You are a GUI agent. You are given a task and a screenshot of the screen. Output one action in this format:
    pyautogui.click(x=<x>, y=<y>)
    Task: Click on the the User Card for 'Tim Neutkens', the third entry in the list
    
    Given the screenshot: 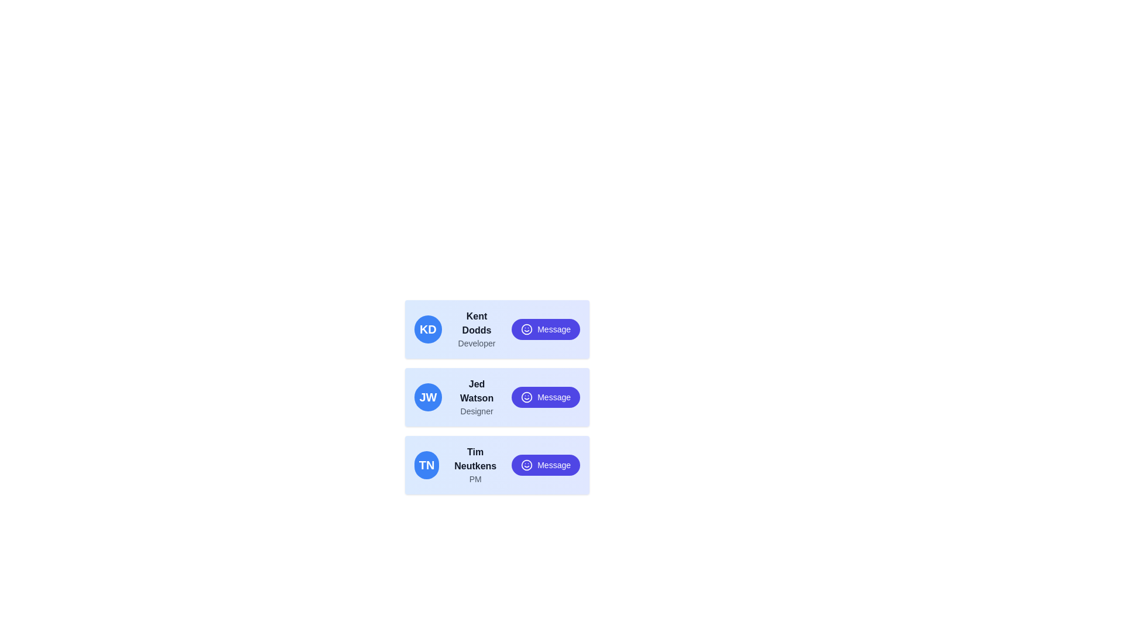 What is the action you would take?
    pyautogui.click(x=497, y=464)
    